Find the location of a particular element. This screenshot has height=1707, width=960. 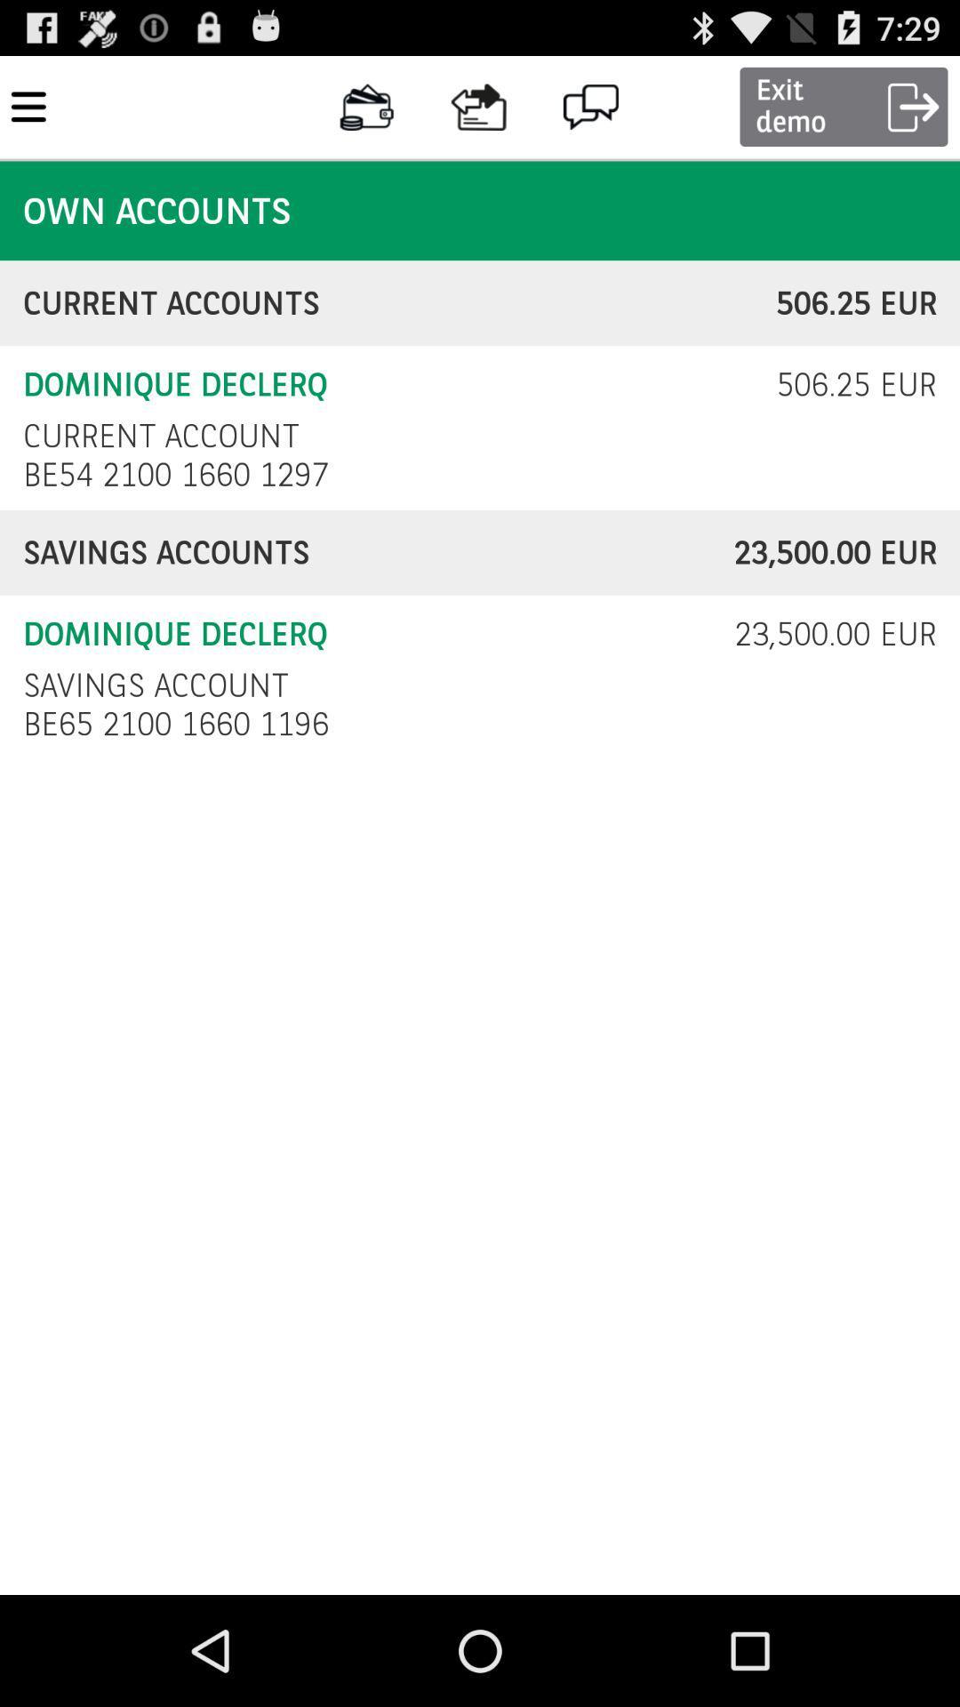

the checkbox to the left of the 506.25 eur is located at coordinates (161, 436).